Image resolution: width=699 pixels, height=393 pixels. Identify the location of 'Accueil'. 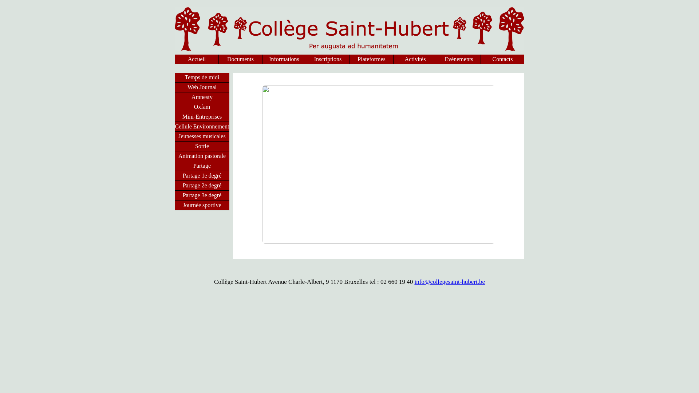
(197, 59).